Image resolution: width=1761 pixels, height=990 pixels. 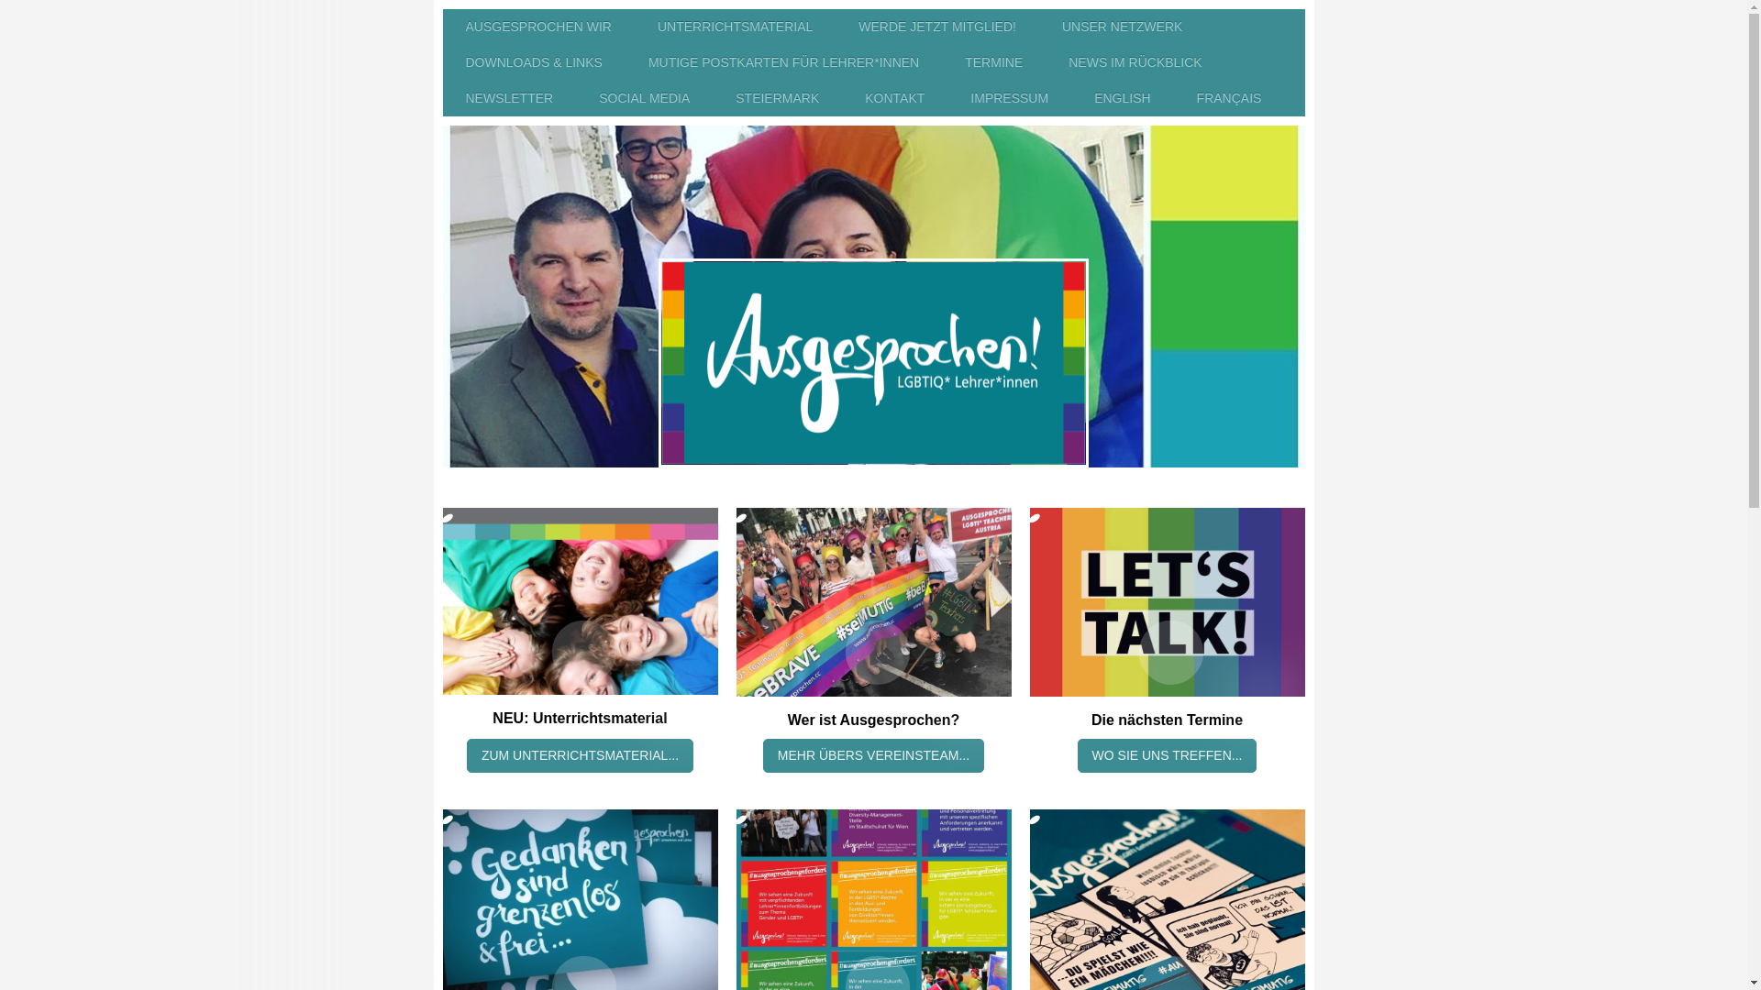 I want to click on 'SOCIAL MEDIA', so click(x=575, y=98).